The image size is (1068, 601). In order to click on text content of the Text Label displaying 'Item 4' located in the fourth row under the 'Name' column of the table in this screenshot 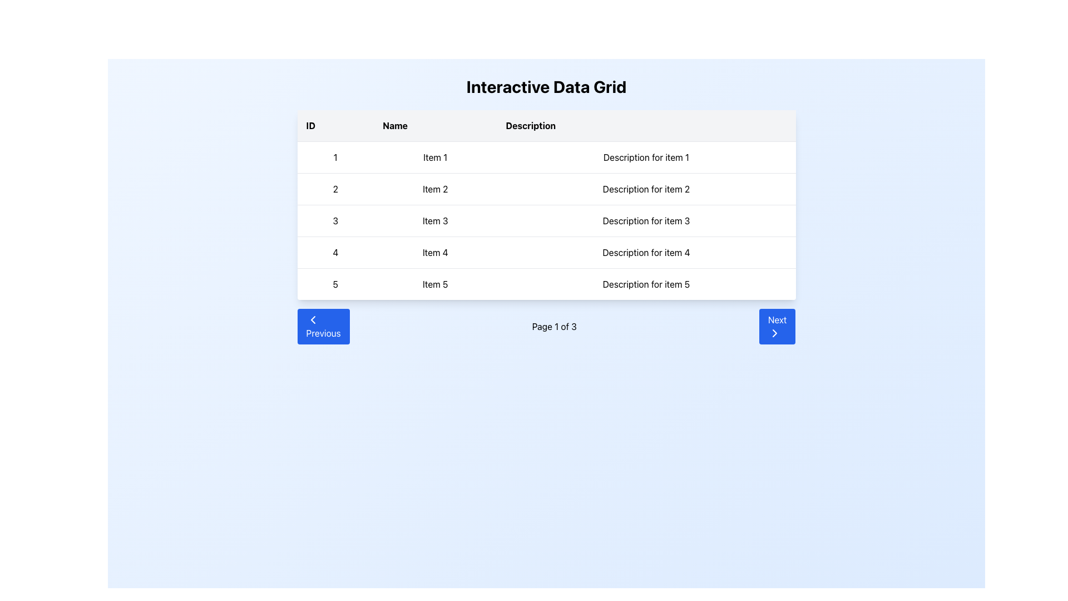, I will do `click(434, 253)`.